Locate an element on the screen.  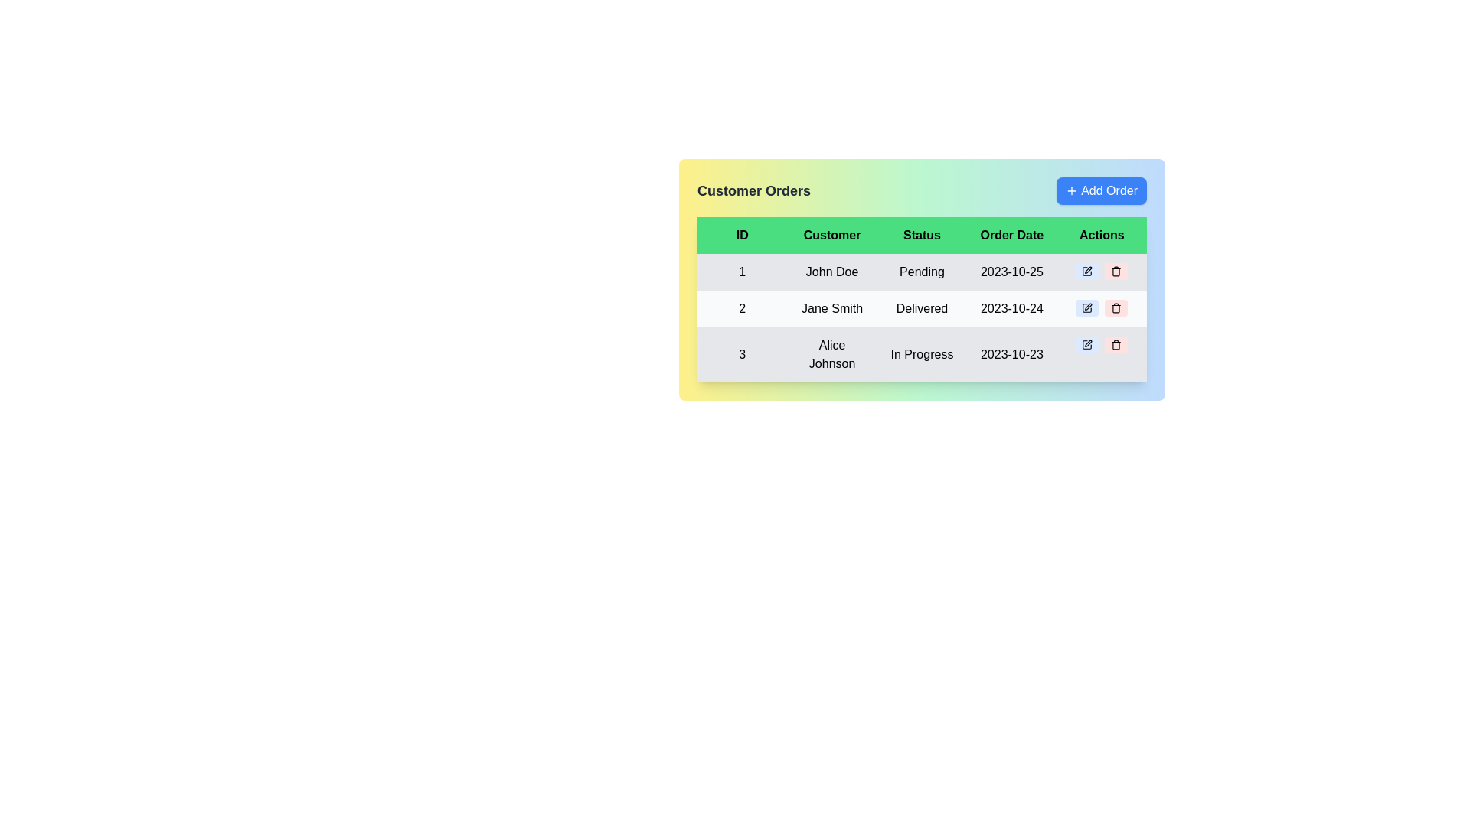
the second row of the table containing ID '2', Customer 'Jane Smith', Status 'Delivered', Order Date '2023-10-24' is located at coordinates (921, 317).